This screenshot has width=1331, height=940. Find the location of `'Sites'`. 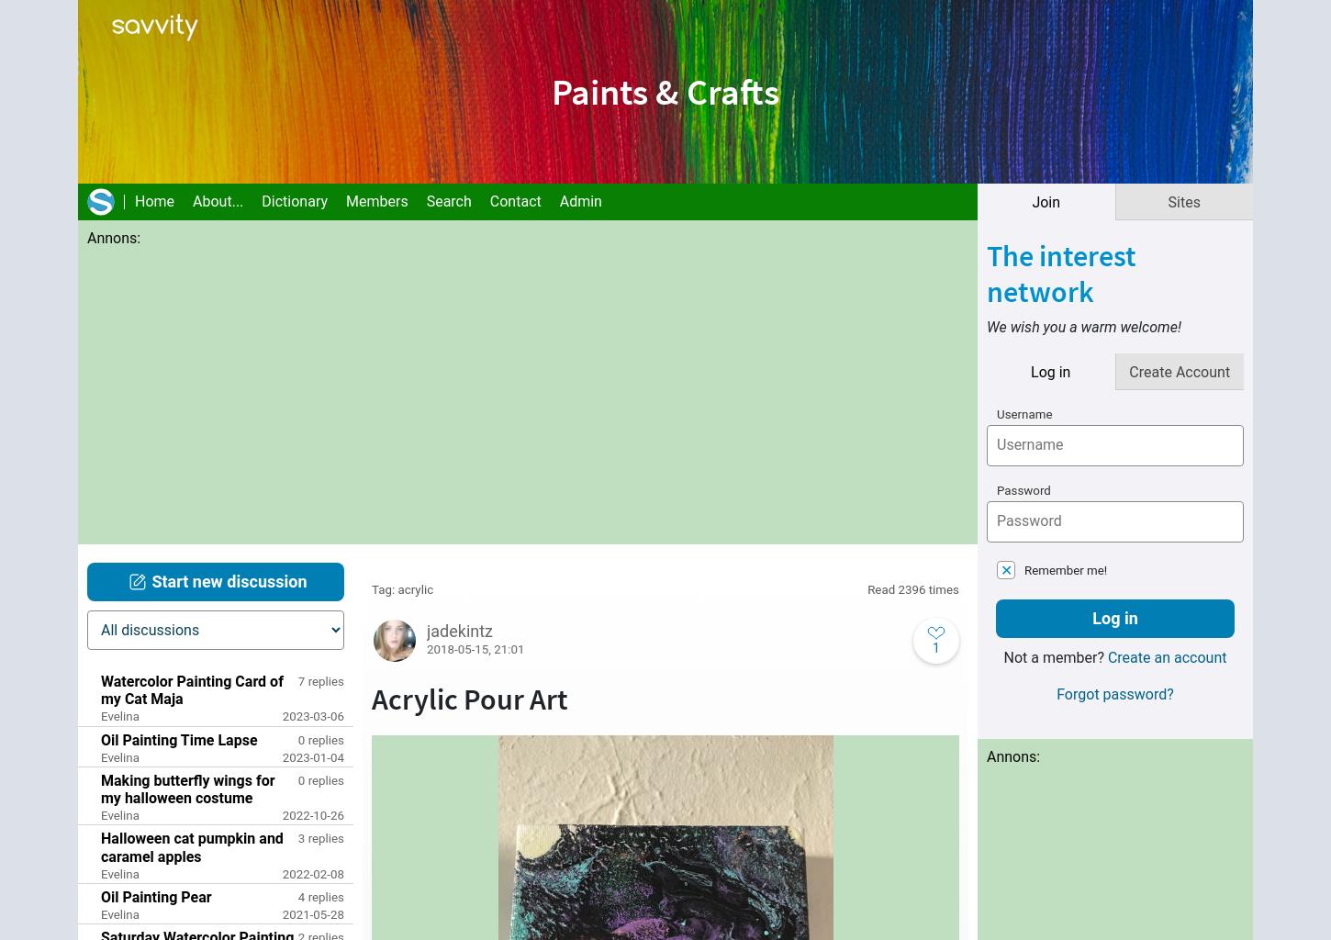

'Sites' is located at coordinates (1183, 201).